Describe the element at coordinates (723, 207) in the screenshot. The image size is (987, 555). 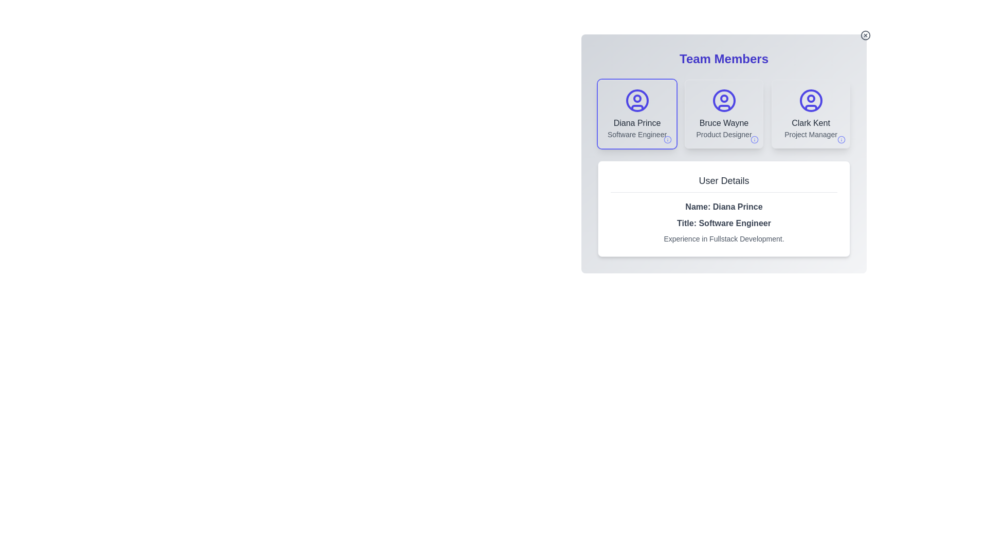
I see `the text label displaying the name 'Diana Prince' in the user profile section located below the 'User Details' title` at that location.